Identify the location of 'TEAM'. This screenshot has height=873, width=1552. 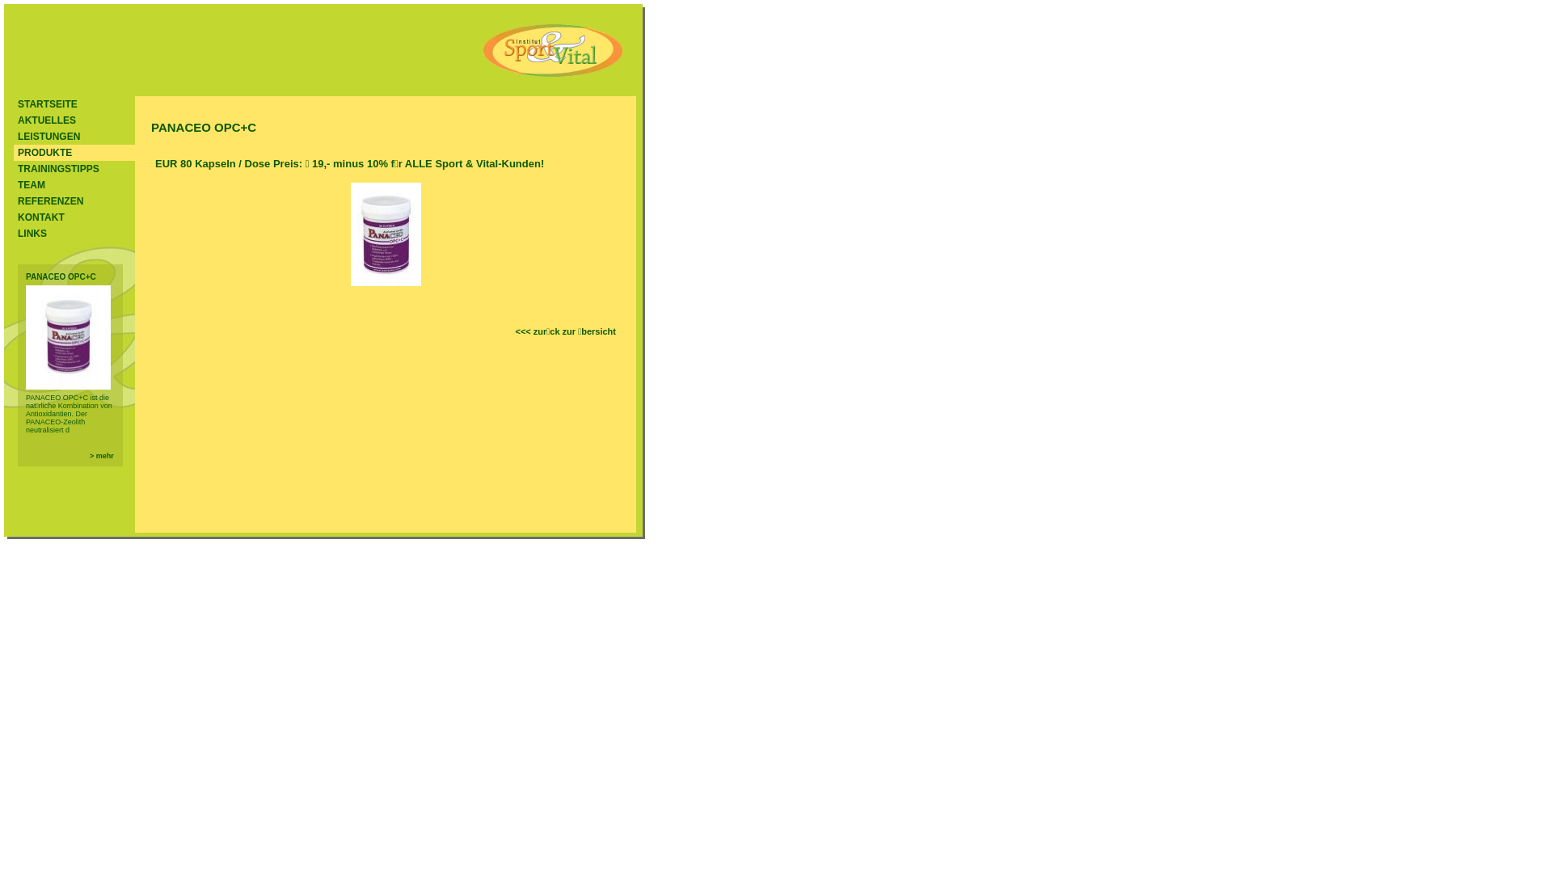
(14, 183).